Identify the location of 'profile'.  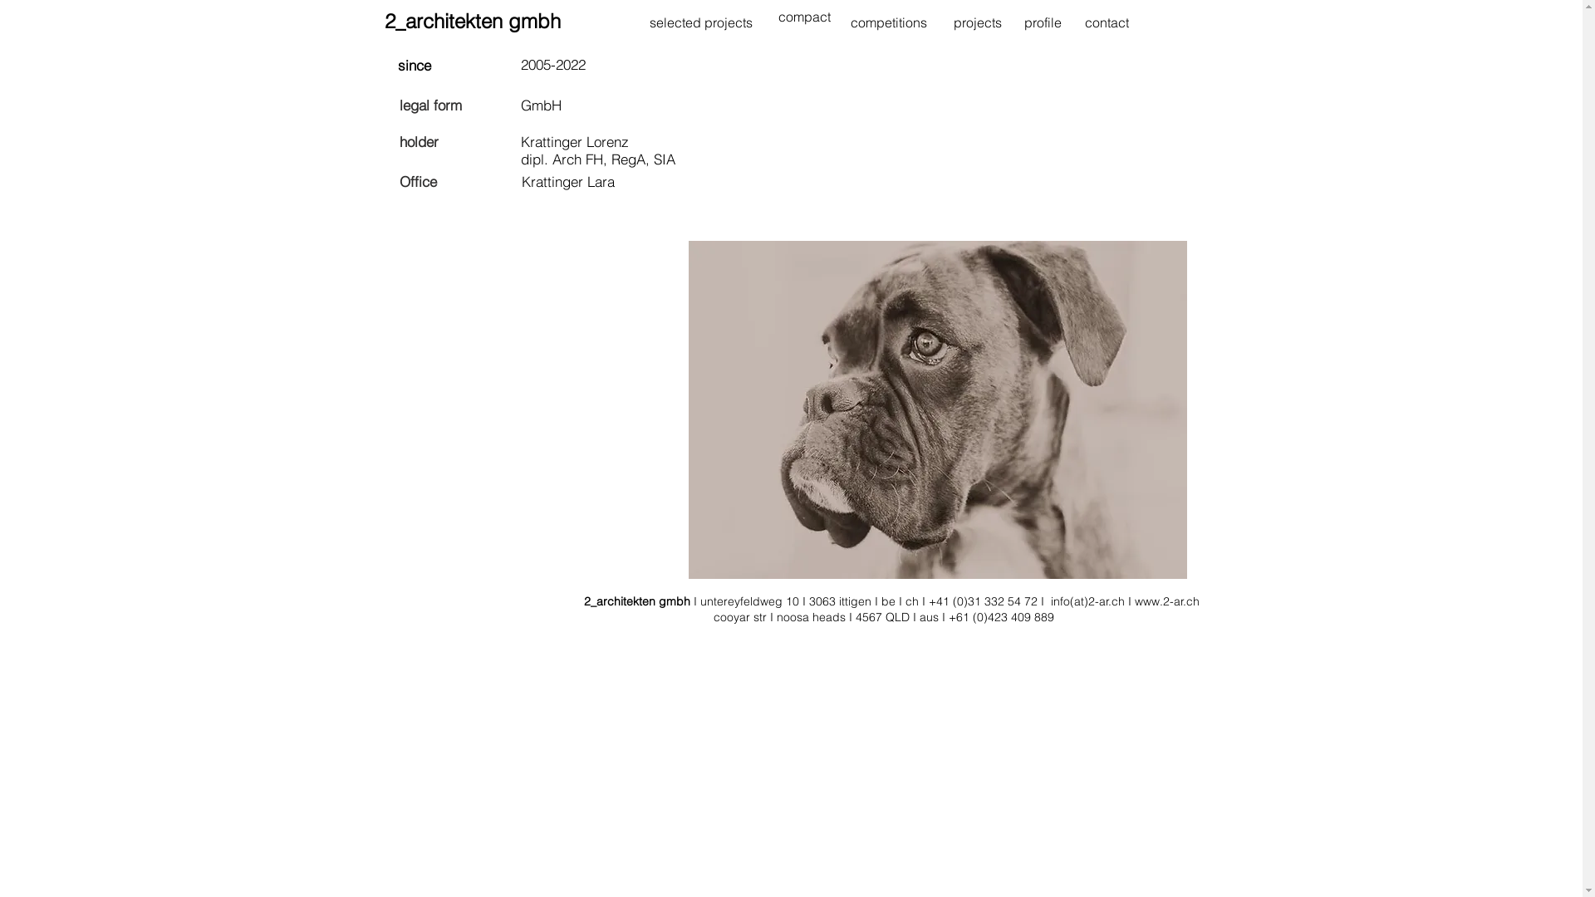
(1023, 22).